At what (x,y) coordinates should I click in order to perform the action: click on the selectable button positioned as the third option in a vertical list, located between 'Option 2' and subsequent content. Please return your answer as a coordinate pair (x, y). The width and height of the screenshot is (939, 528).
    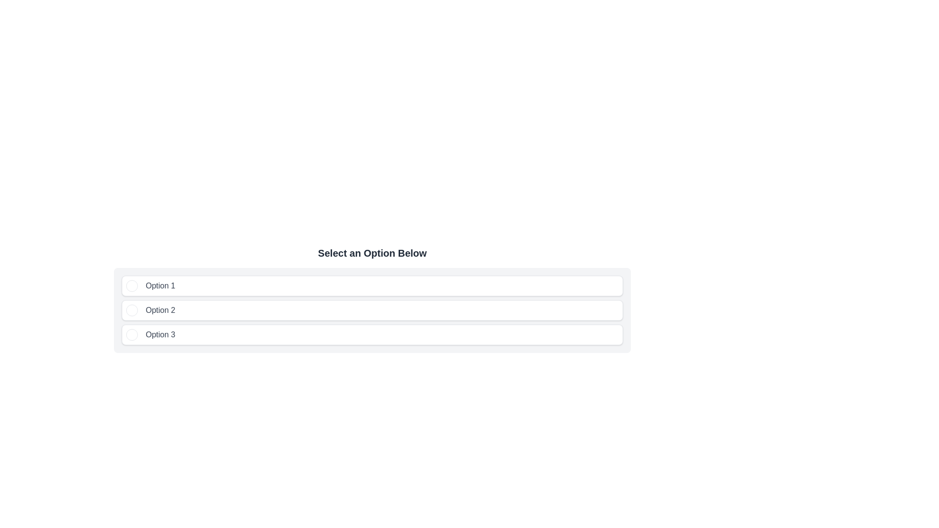
    Looking at the image, I should click on (372, 334).